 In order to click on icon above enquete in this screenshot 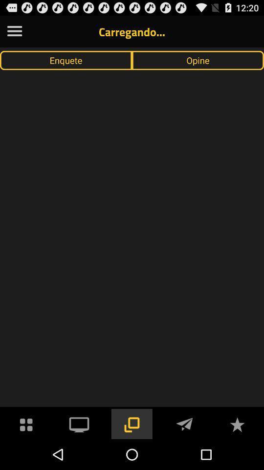, I will do `click(14, 31)`.